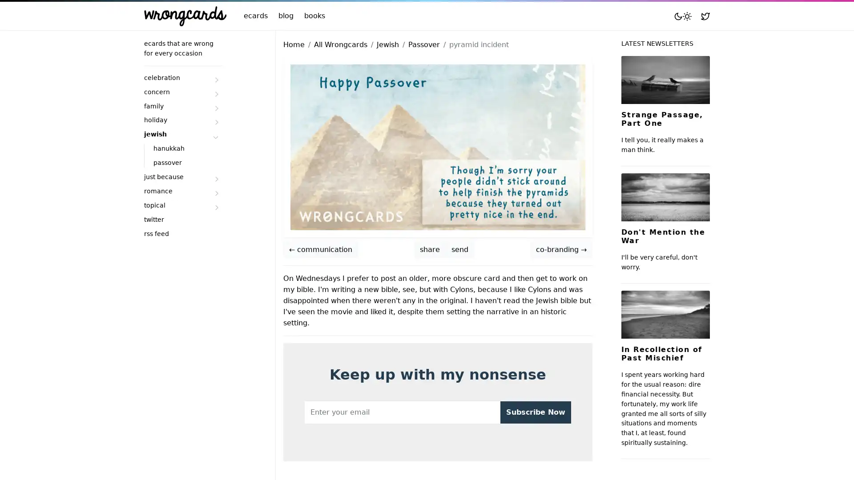 The height and width of the screenshot is (480, 854). Describe the element at coordinates (215, 136) in the screenshot. I see `Submenu` at that location.